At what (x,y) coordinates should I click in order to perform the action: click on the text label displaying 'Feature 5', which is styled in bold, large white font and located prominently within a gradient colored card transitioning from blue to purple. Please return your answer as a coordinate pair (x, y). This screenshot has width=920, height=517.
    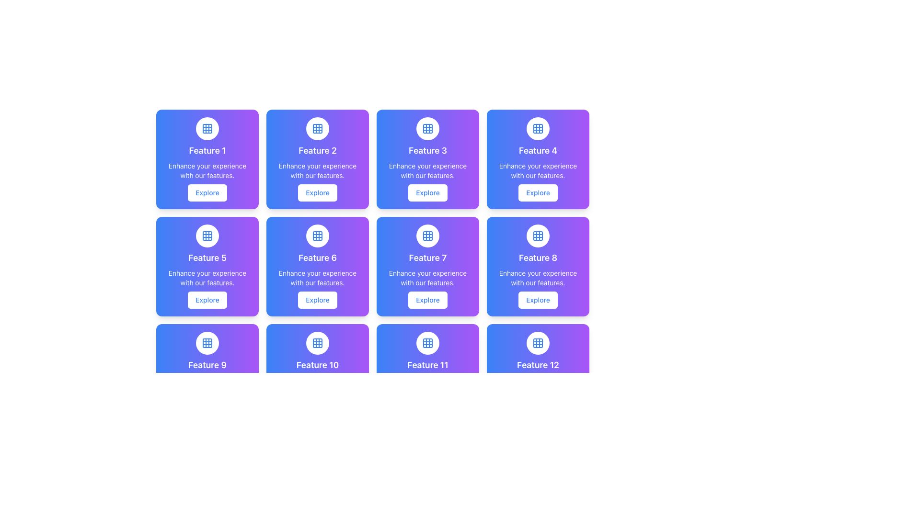
    Looking at the image, I should click on (207, 258).